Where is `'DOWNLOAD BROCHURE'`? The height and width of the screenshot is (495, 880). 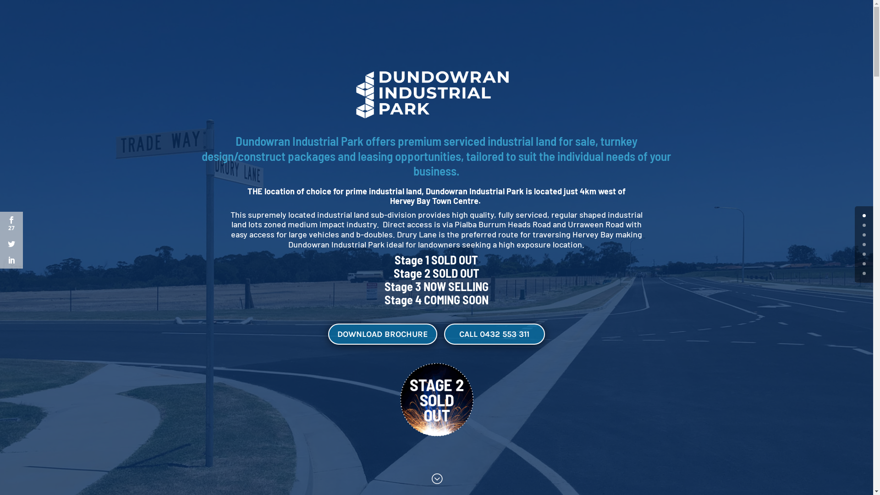
'DOWNLOAD BROCHURE' is located at coordinates (383, 334).